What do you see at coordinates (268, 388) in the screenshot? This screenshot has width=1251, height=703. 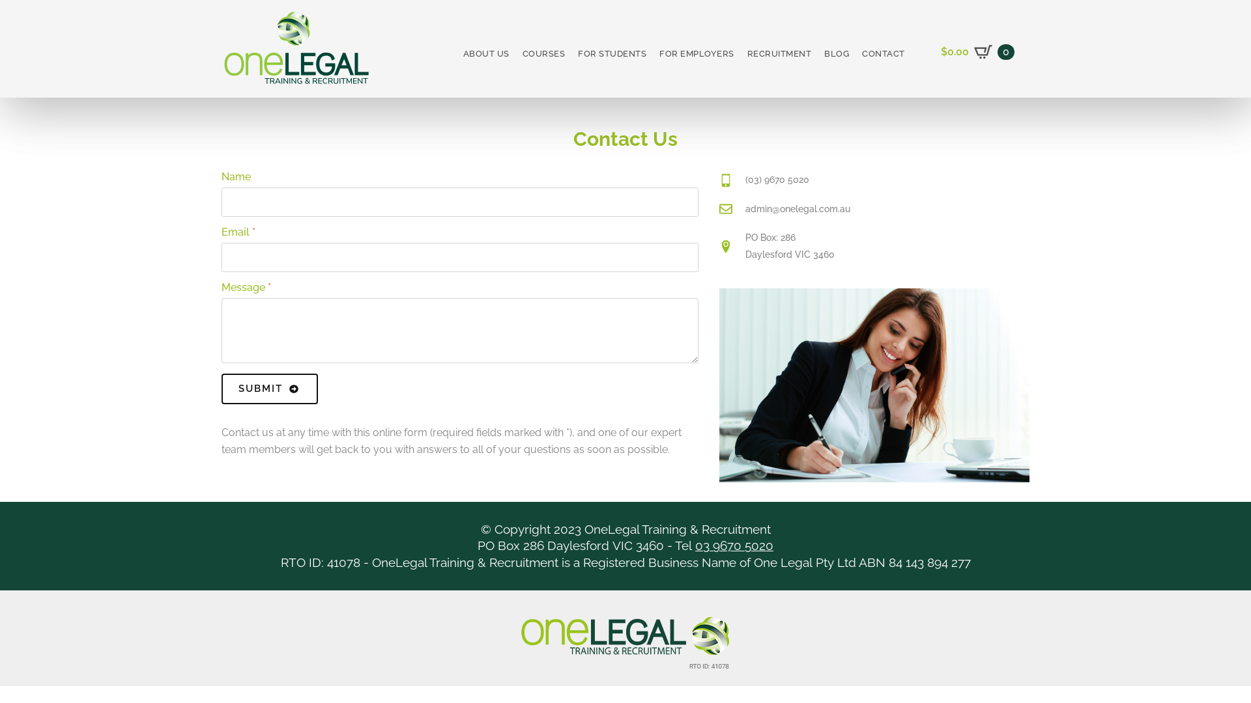 I see `'SUBMIT'` at bounding box center [268, 388].